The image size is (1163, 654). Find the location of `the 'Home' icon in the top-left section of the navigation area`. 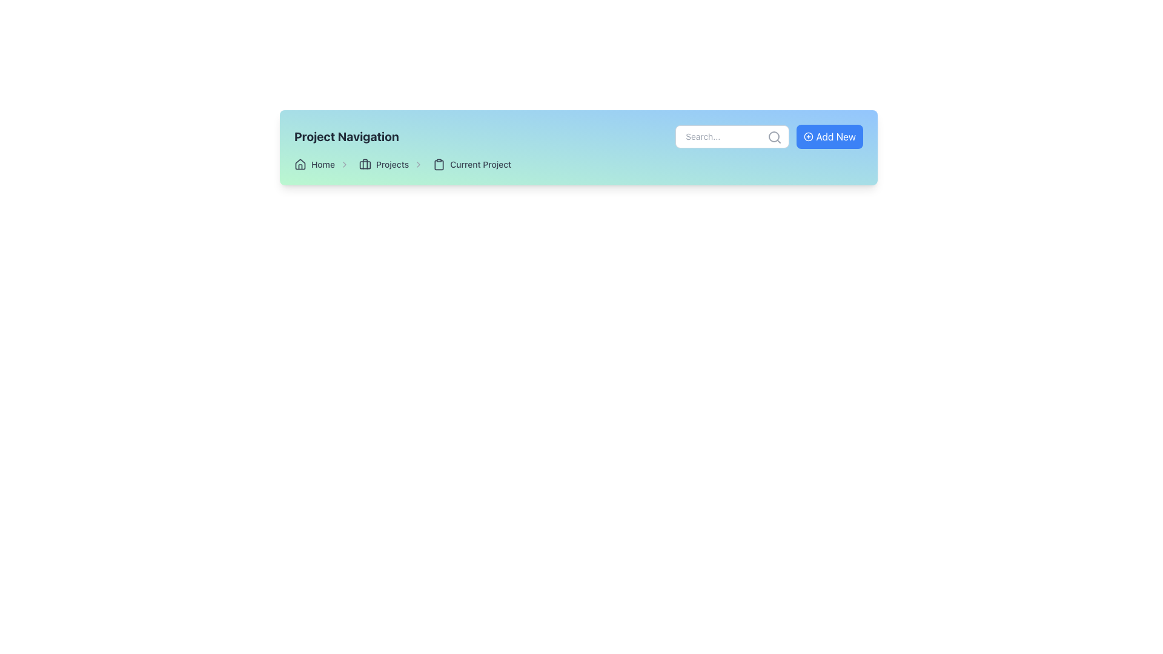

the 'Home' icon in the top-left section of the navigation area is located at coordinates (300, 165).